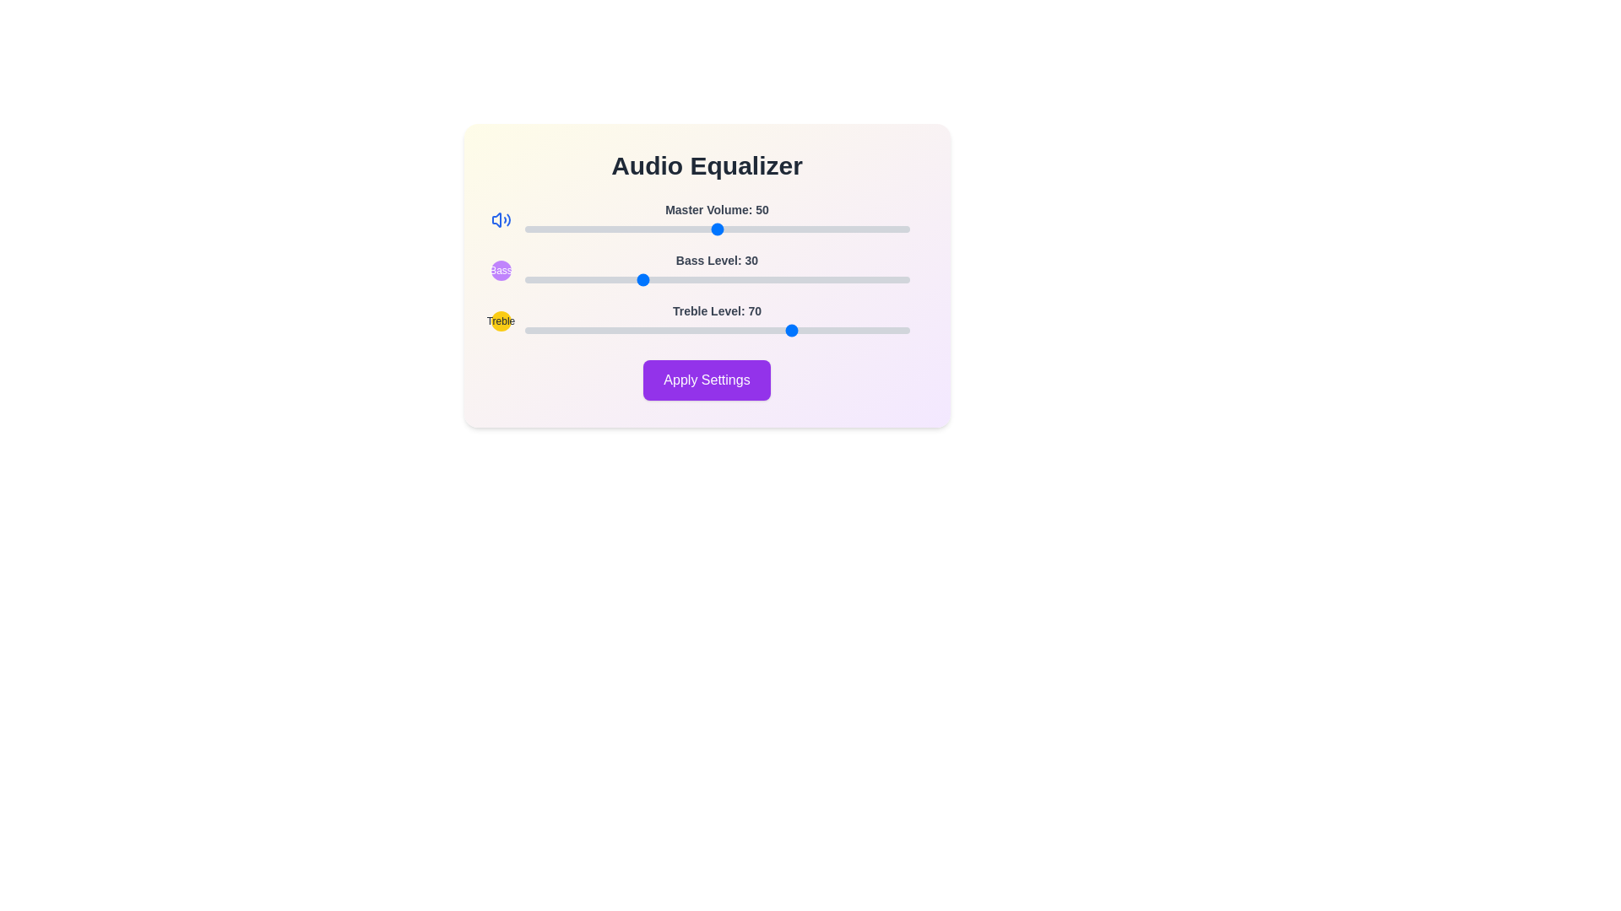 Image resolution: width=1621 pixels, height=911 pixels. Describe the element at coordinates (707, 380) in the screenshot. I see `the rectangular button with a purple background and white text reading 'Apply Settings' located below the sliders in the Audio Equalizer interface` at that location.